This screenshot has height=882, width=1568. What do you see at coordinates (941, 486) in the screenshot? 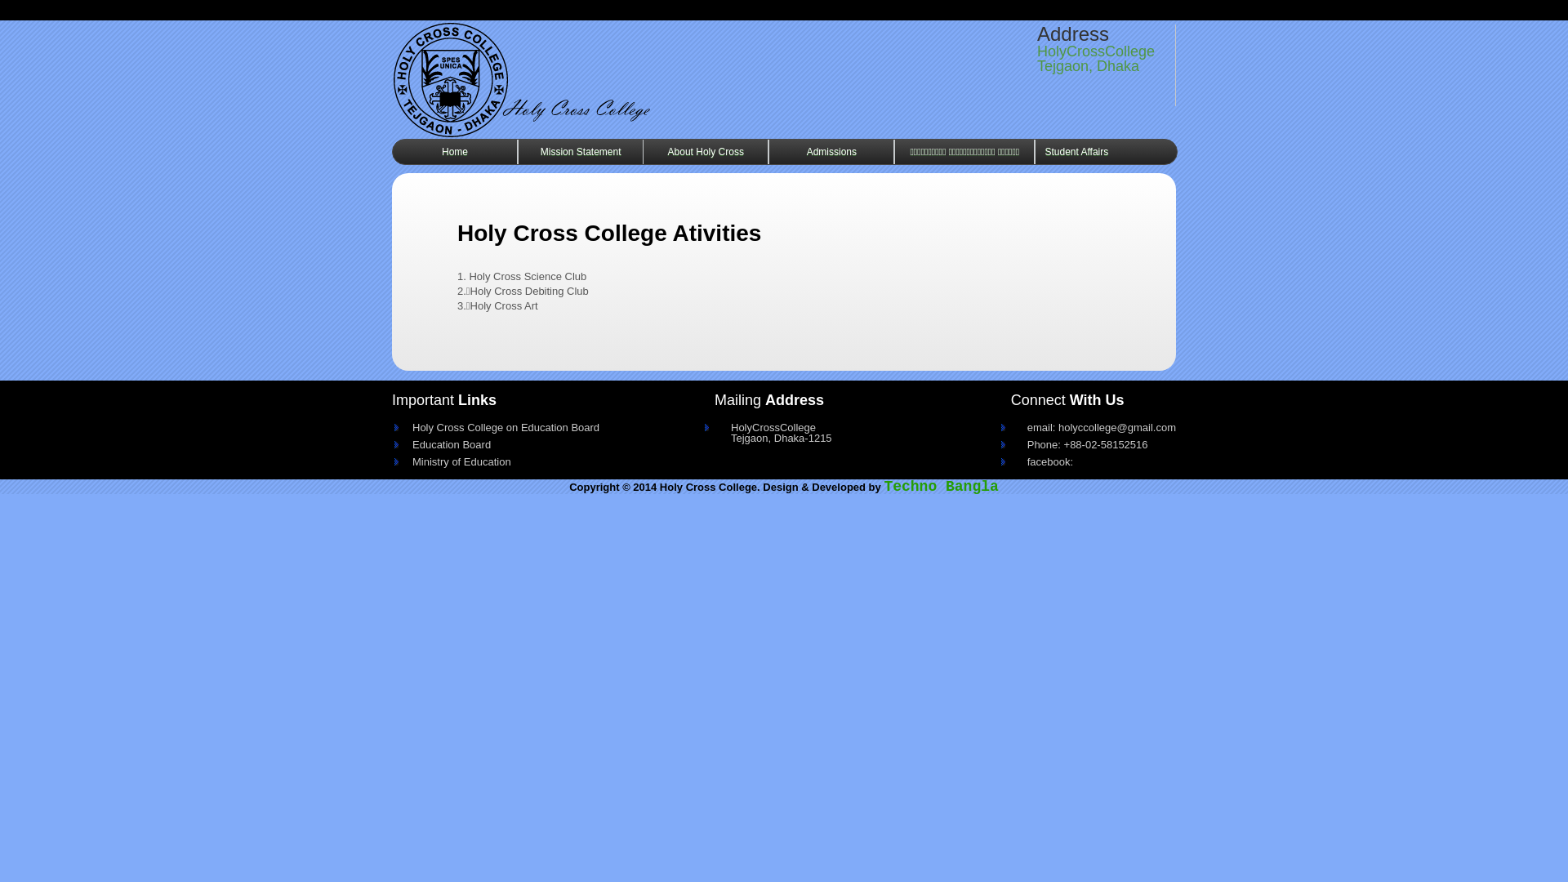
I see `'Techno Bangla'` at bounding box center [941, 486].